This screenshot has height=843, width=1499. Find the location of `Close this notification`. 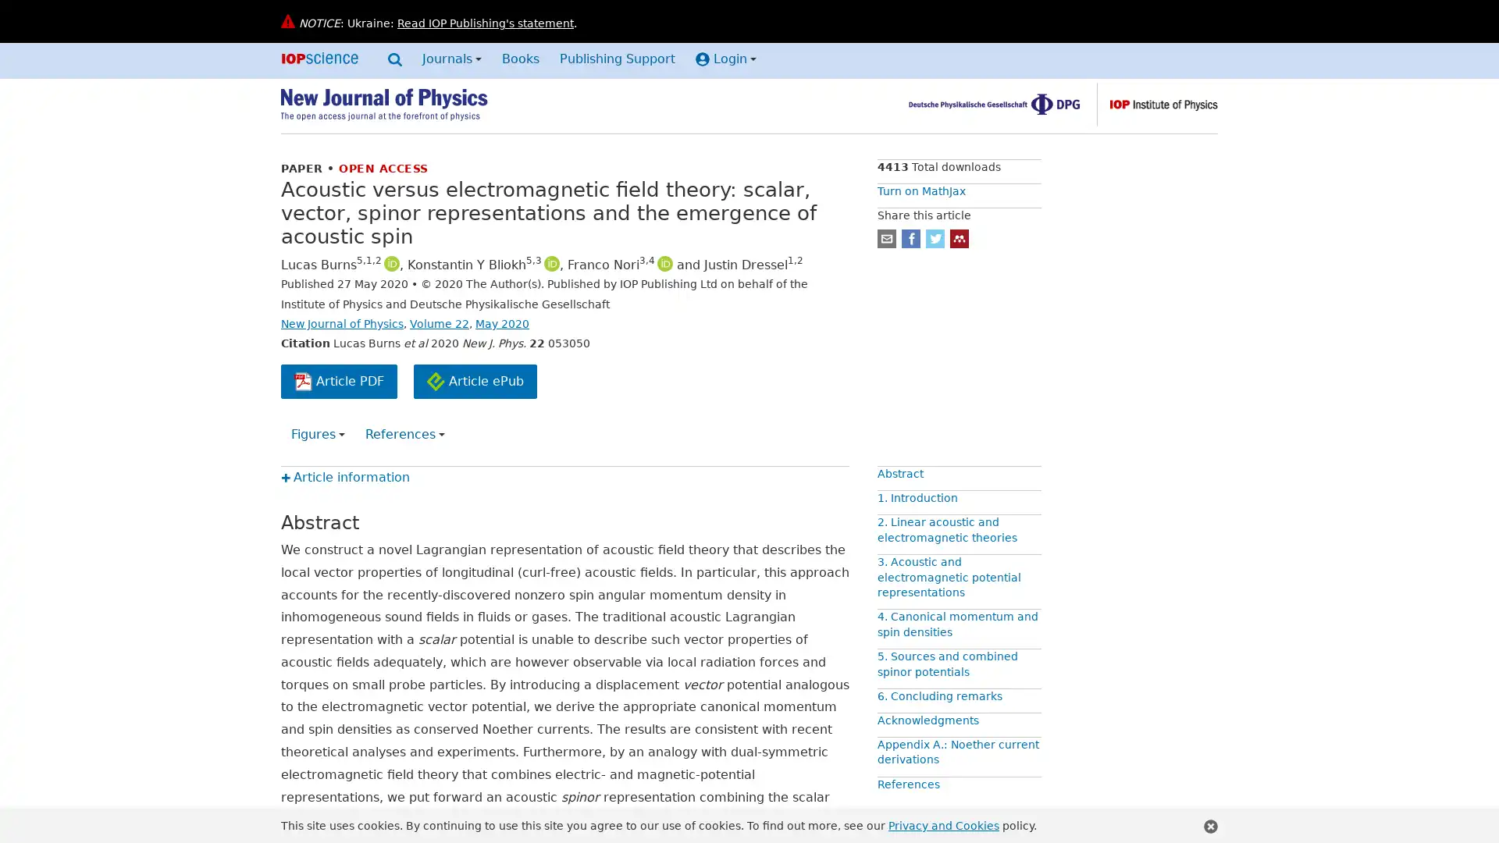

Close this notification is located at coordinates (1209, 826).